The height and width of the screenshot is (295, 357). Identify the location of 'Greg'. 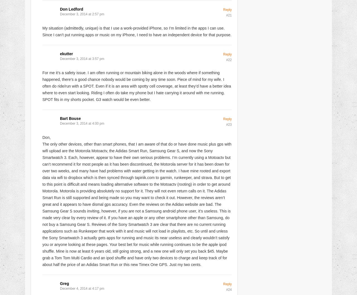
(64, 283).